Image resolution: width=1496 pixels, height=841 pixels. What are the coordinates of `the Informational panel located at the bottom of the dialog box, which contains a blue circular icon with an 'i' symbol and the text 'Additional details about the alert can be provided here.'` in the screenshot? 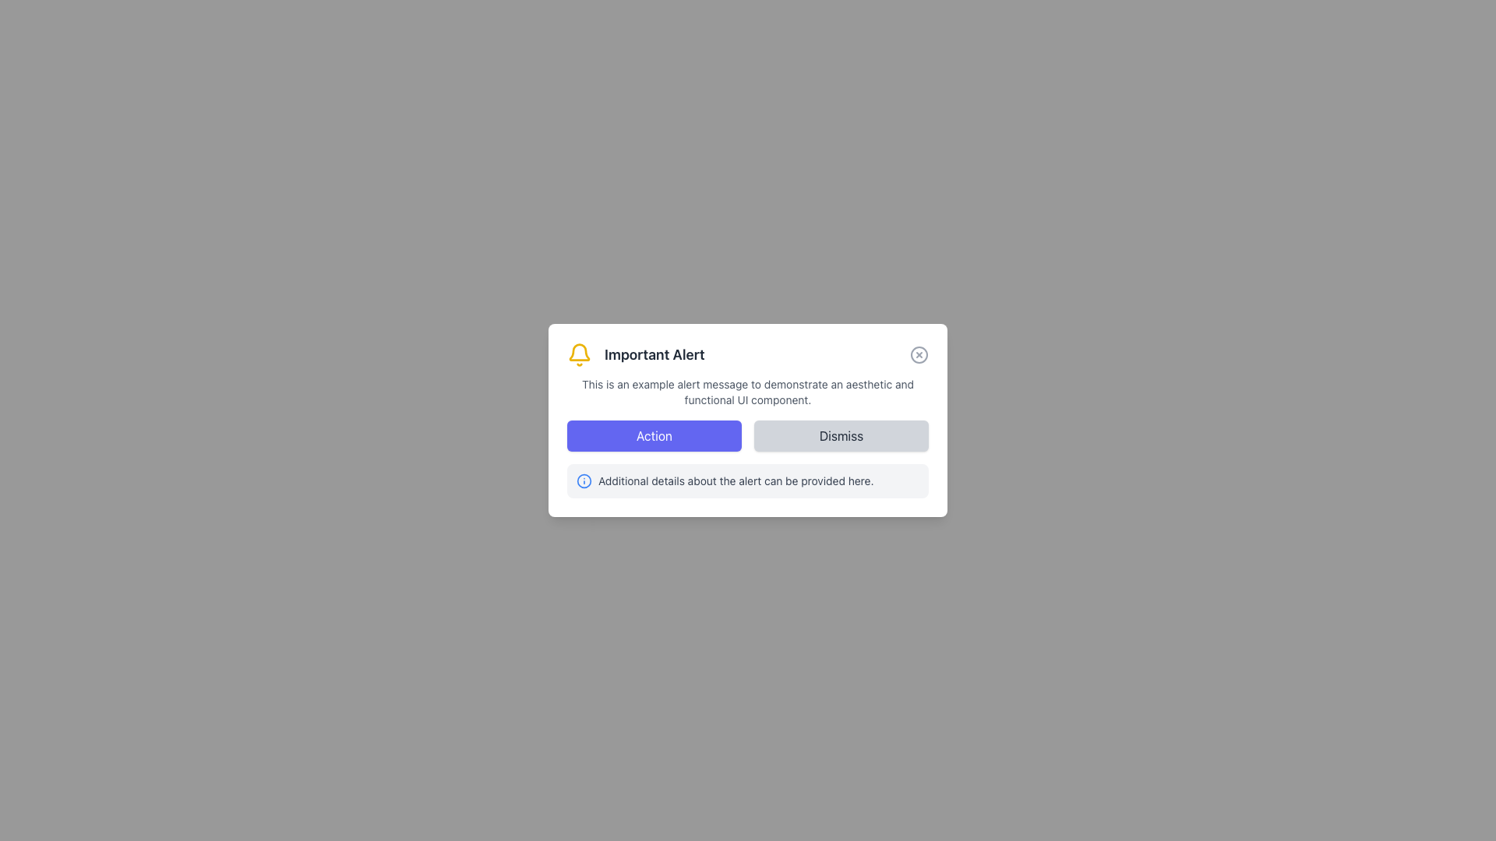 It's located at (748, 480).